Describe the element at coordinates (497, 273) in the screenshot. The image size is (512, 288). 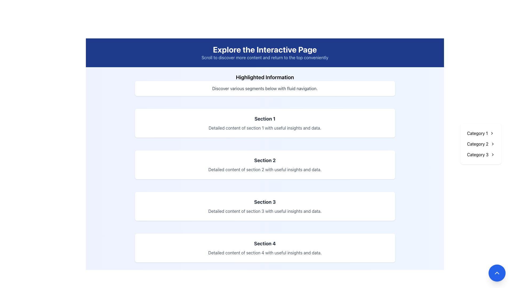
I see `the circular scroll-to-top button with a blue background and white chevron icon, located at the bottom-right corner of the interface` at that location.